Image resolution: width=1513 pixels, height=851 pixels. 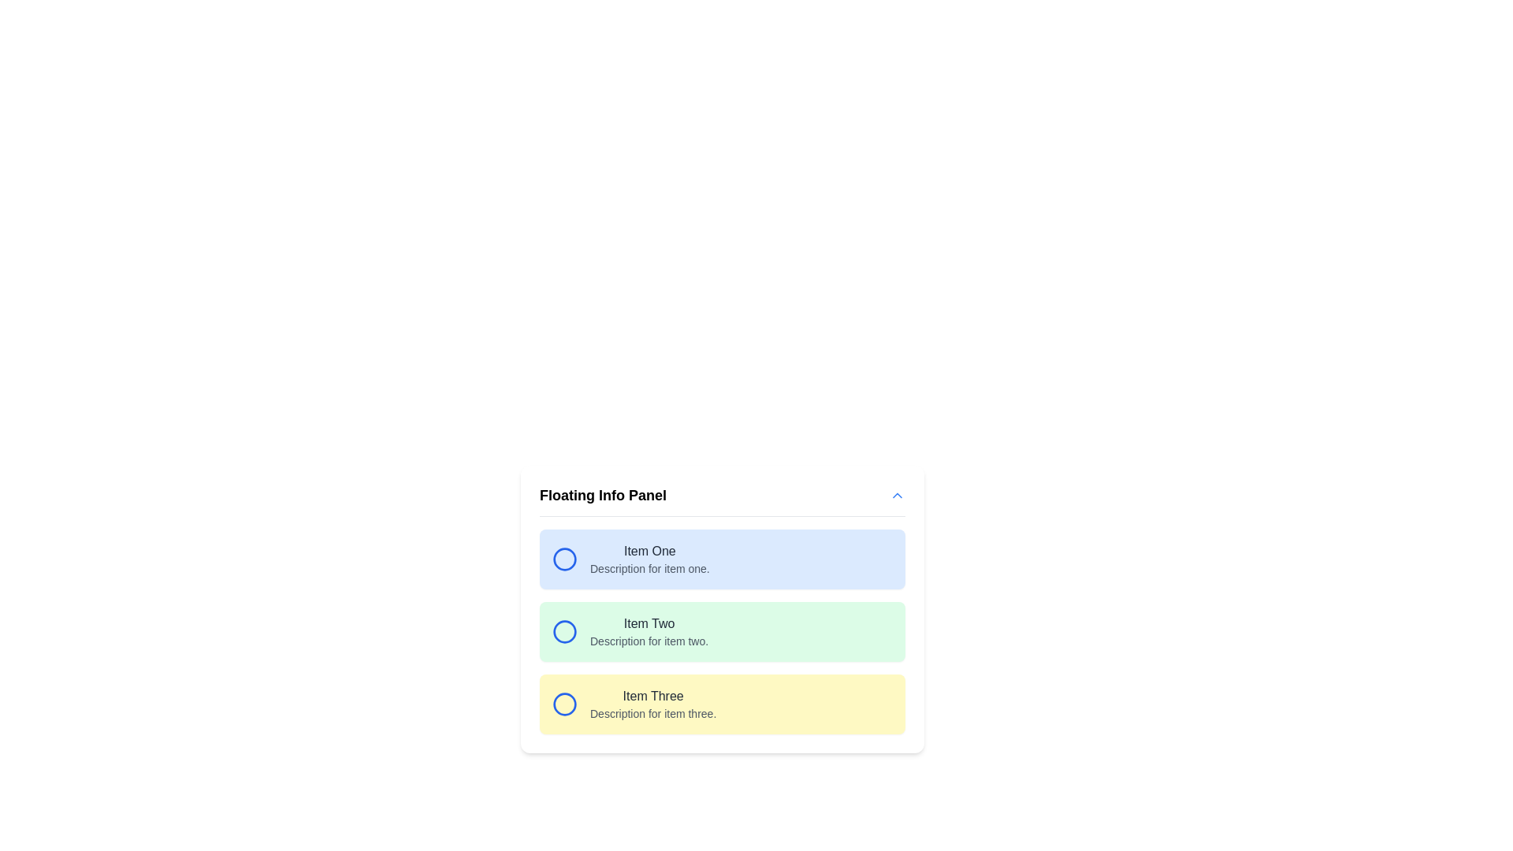 What do you see at coordinates (653, 704) in the screenshot?
I see `the text element that displays 'Item Three' with a pale yellow background and contains the description 'Description for item three.'` at bounding box center [653, 704].